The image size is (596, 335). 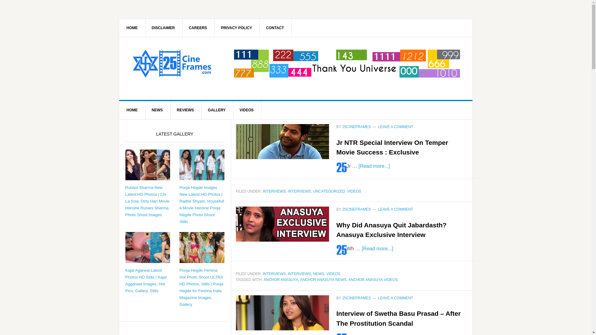 What do you see at coordinates (336, 147) in the screenshot?
I see `'Jr NTR Special Interview On Temper Movie Success : Exclusive'` at bounding box center [336, 147].